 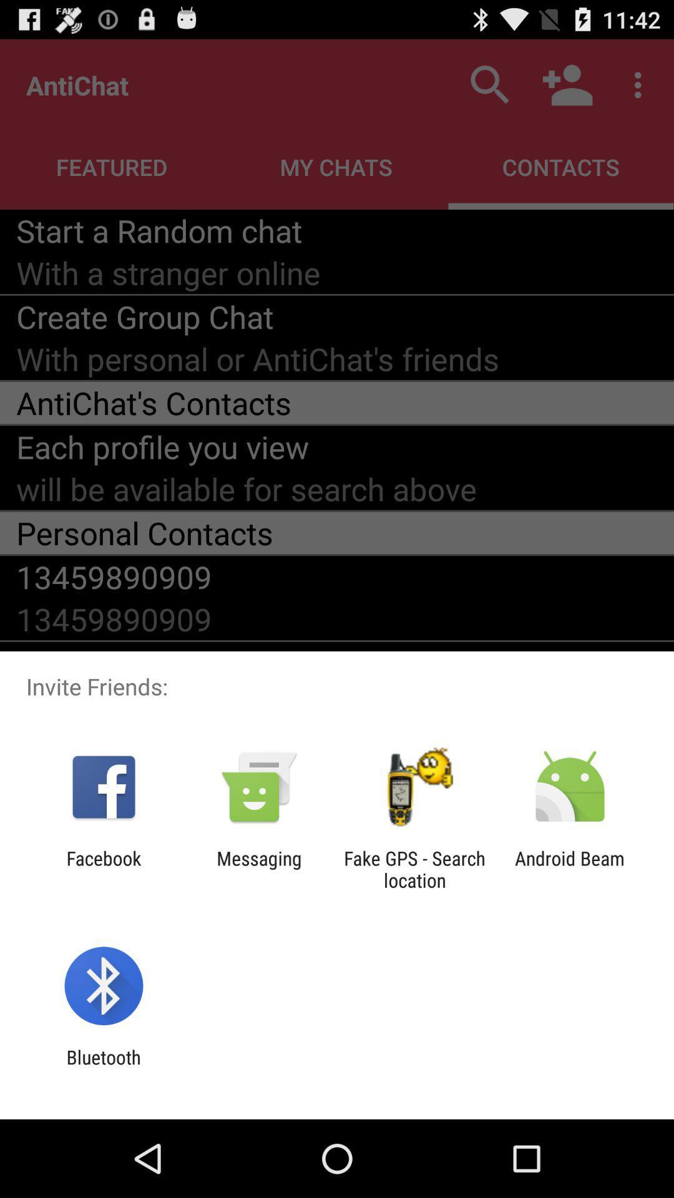 I want to click on the app next to the fake gps search app, so click(x=258, y=869).